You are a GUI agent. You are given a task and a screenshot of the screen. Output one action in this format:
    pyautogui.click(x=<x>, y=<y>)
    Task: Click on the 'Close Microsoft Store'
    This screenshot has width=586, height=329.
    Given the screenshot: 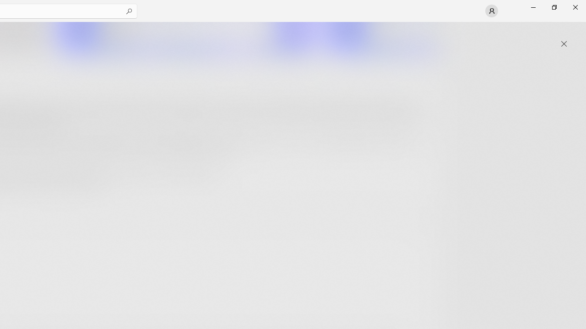 What is the action you would take?
    pyautogui.click(x=575, y=7)
    